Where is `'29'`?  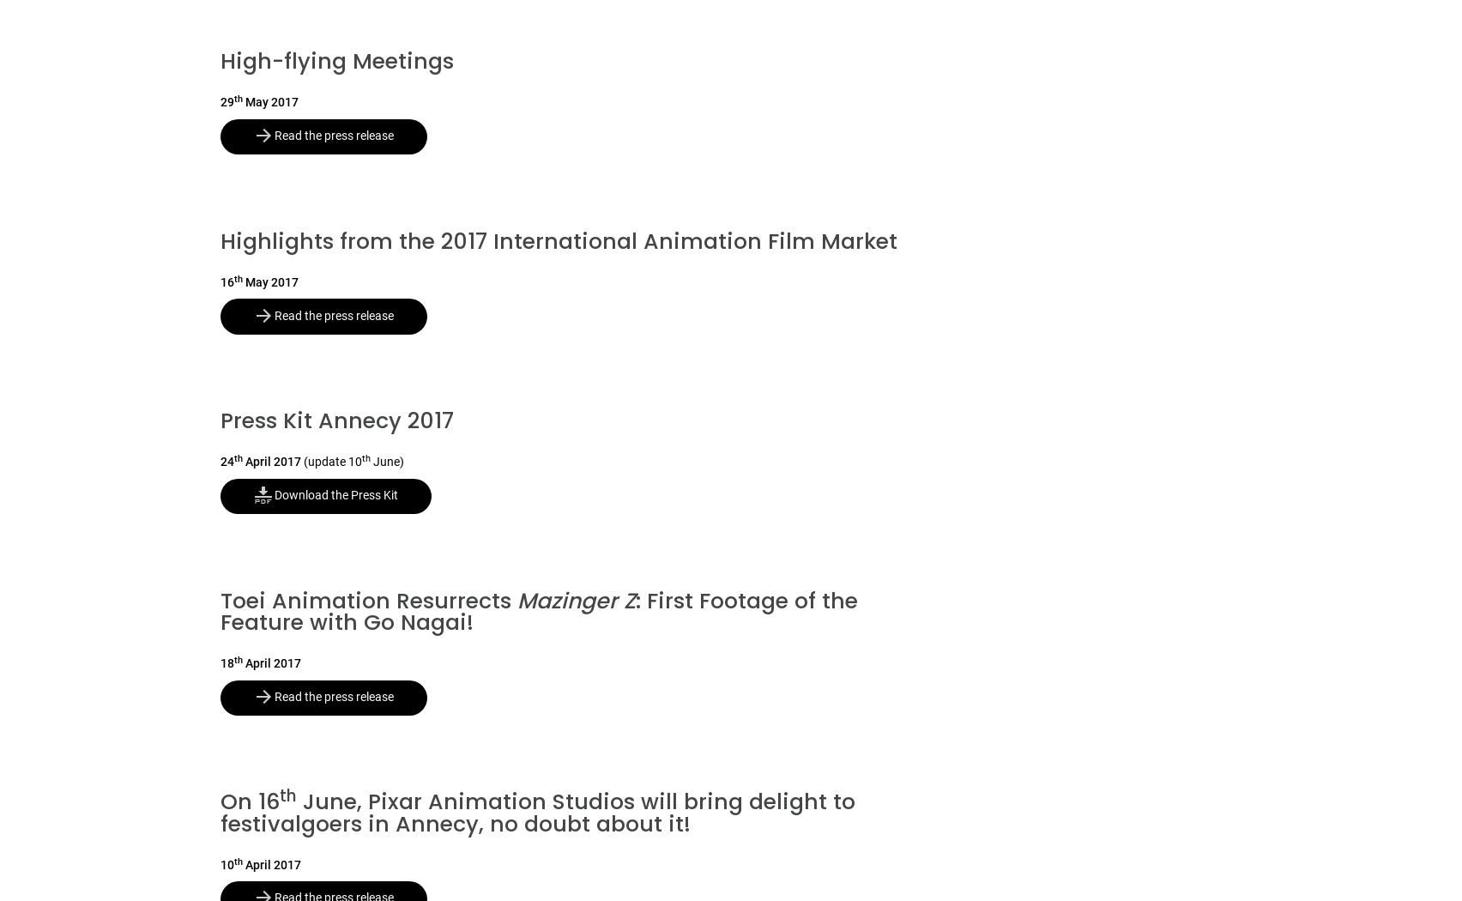 '29' is located at coordinates (226, 100).